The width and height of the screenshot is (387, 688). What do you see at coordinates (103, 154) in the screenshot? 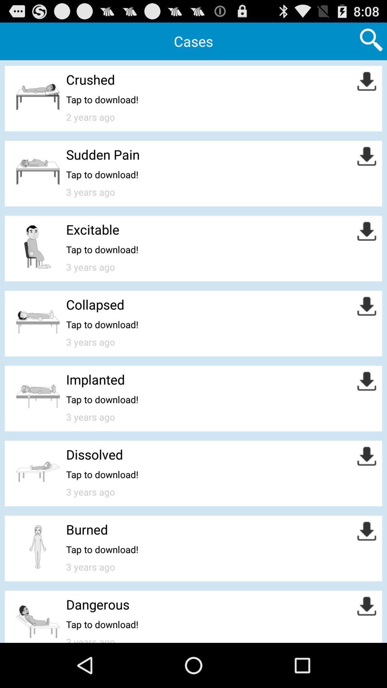
I see `sudden pain` at bounding box center [103, 154].